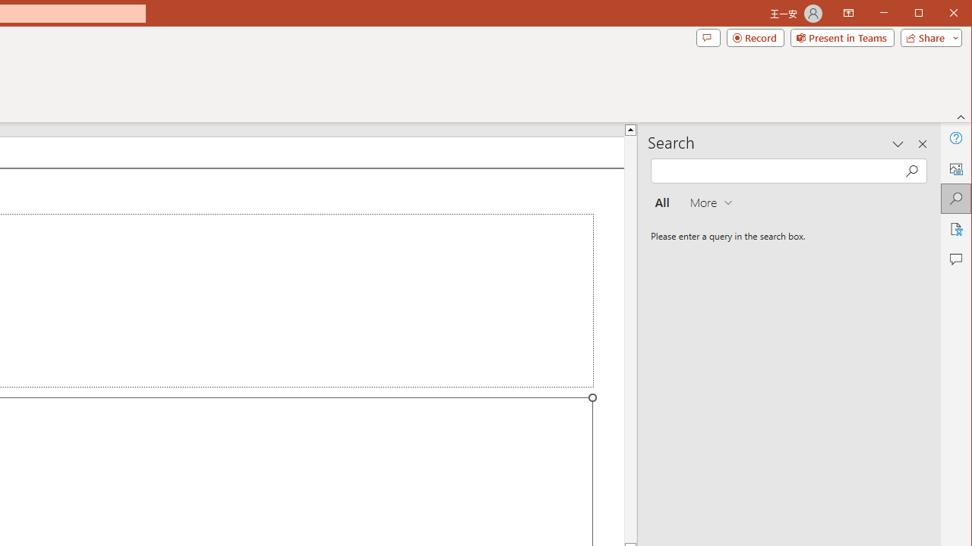 Image resolution: width=972 pixels, height=546 pixels. Describe the element at coordinates (955, 229) in the screenshot. I see `'Accessibility'` at that location.